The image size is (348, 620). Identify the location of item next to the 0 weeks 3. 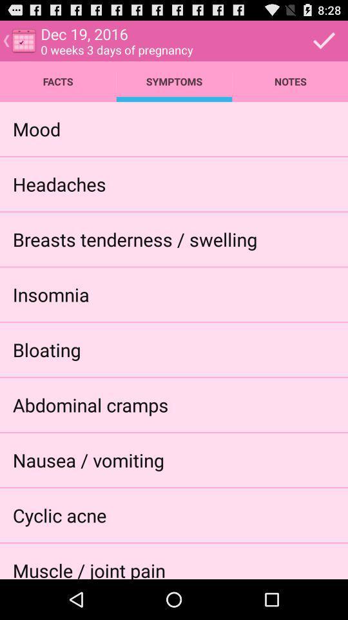
(324, 40).